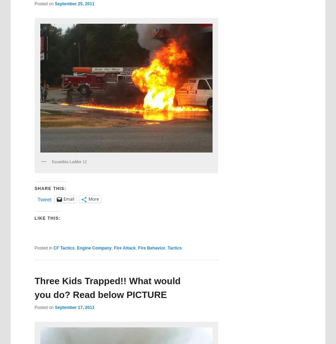  I want to click on 'Escambia Ladder 12', so click(69, 161).